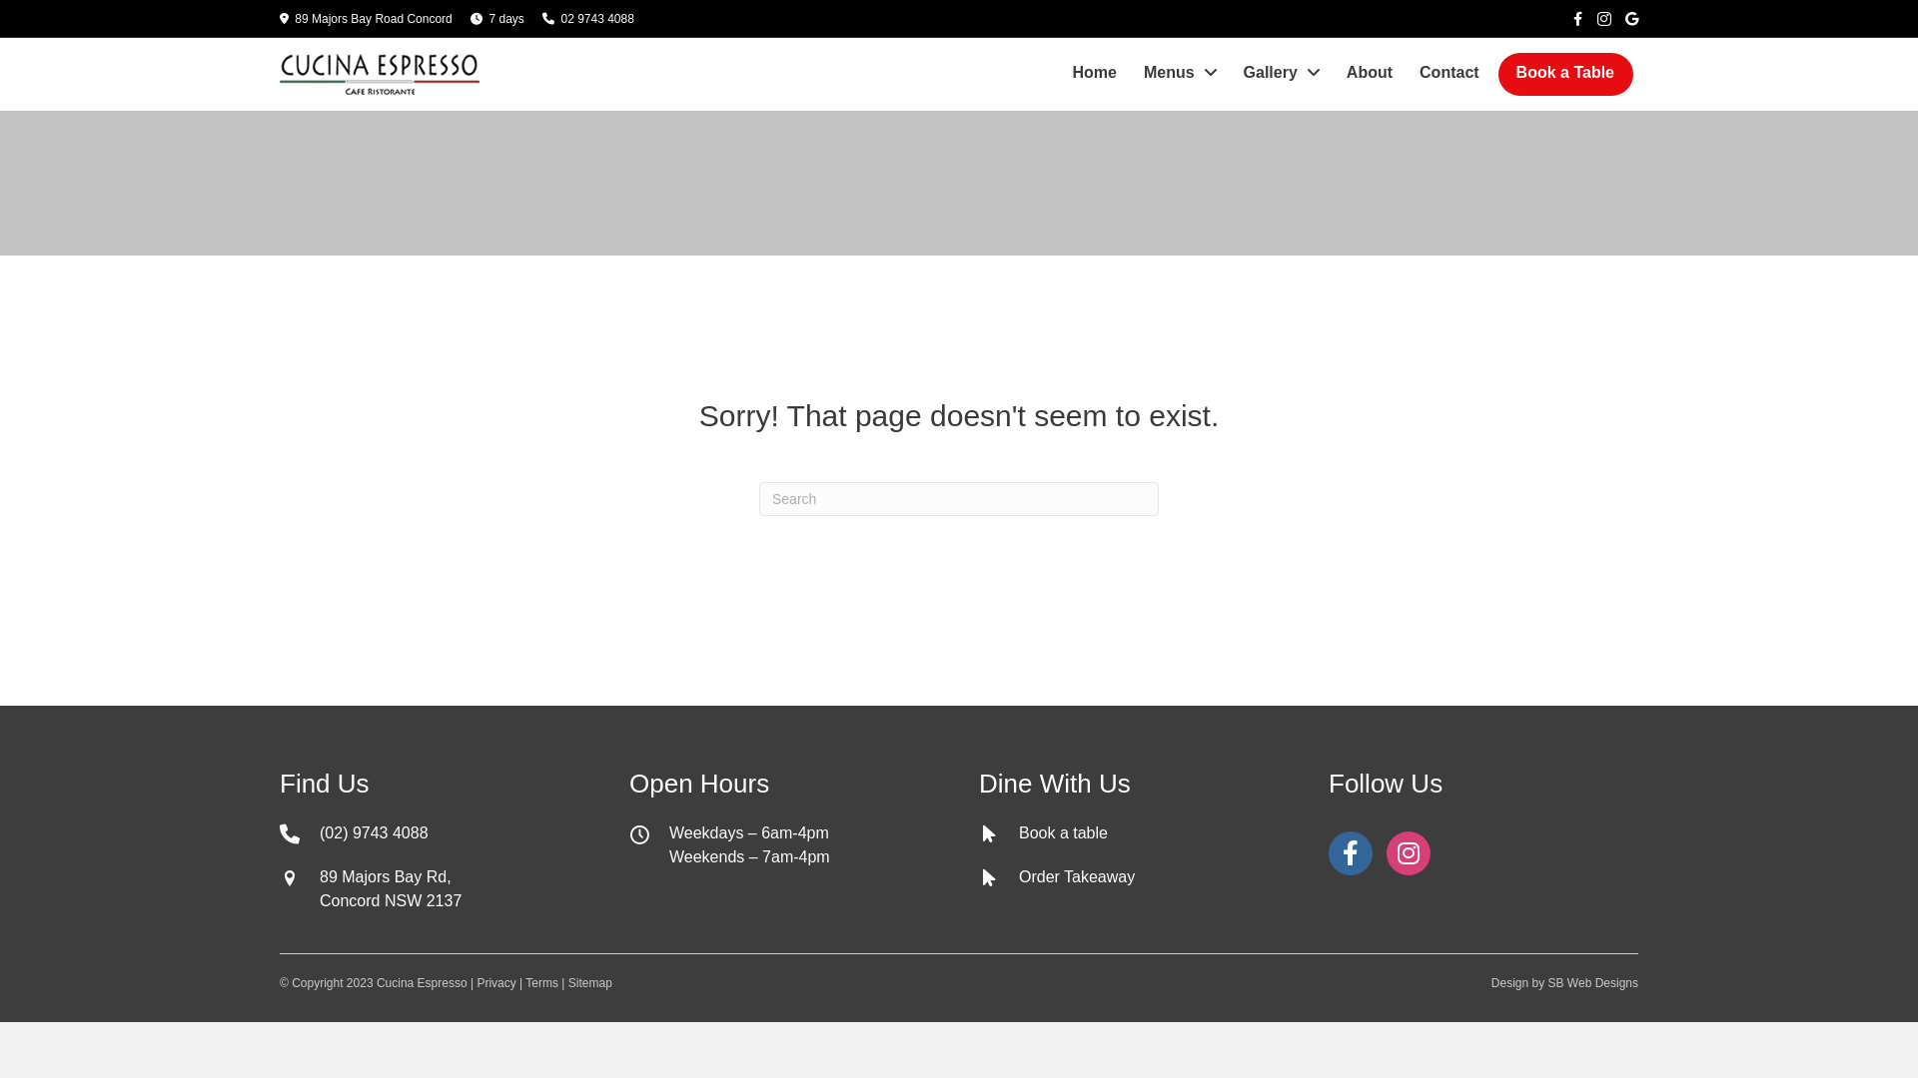  What do you see at coordinates (1449, 72) in the screenshot?
I see `'Contact'` at bounding box center [1449, 72].